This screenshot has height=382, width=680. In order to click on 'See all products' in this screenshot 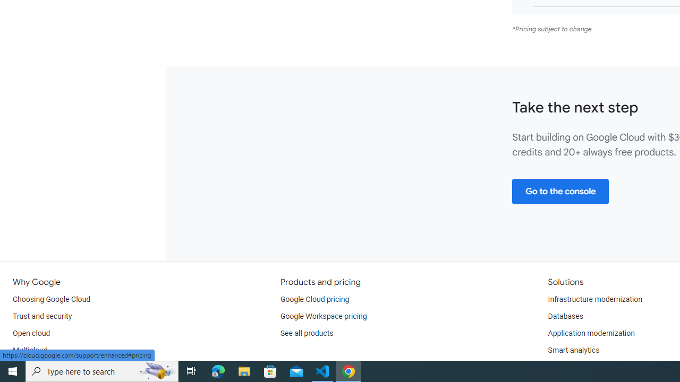, I will do `click(306, 333)`.